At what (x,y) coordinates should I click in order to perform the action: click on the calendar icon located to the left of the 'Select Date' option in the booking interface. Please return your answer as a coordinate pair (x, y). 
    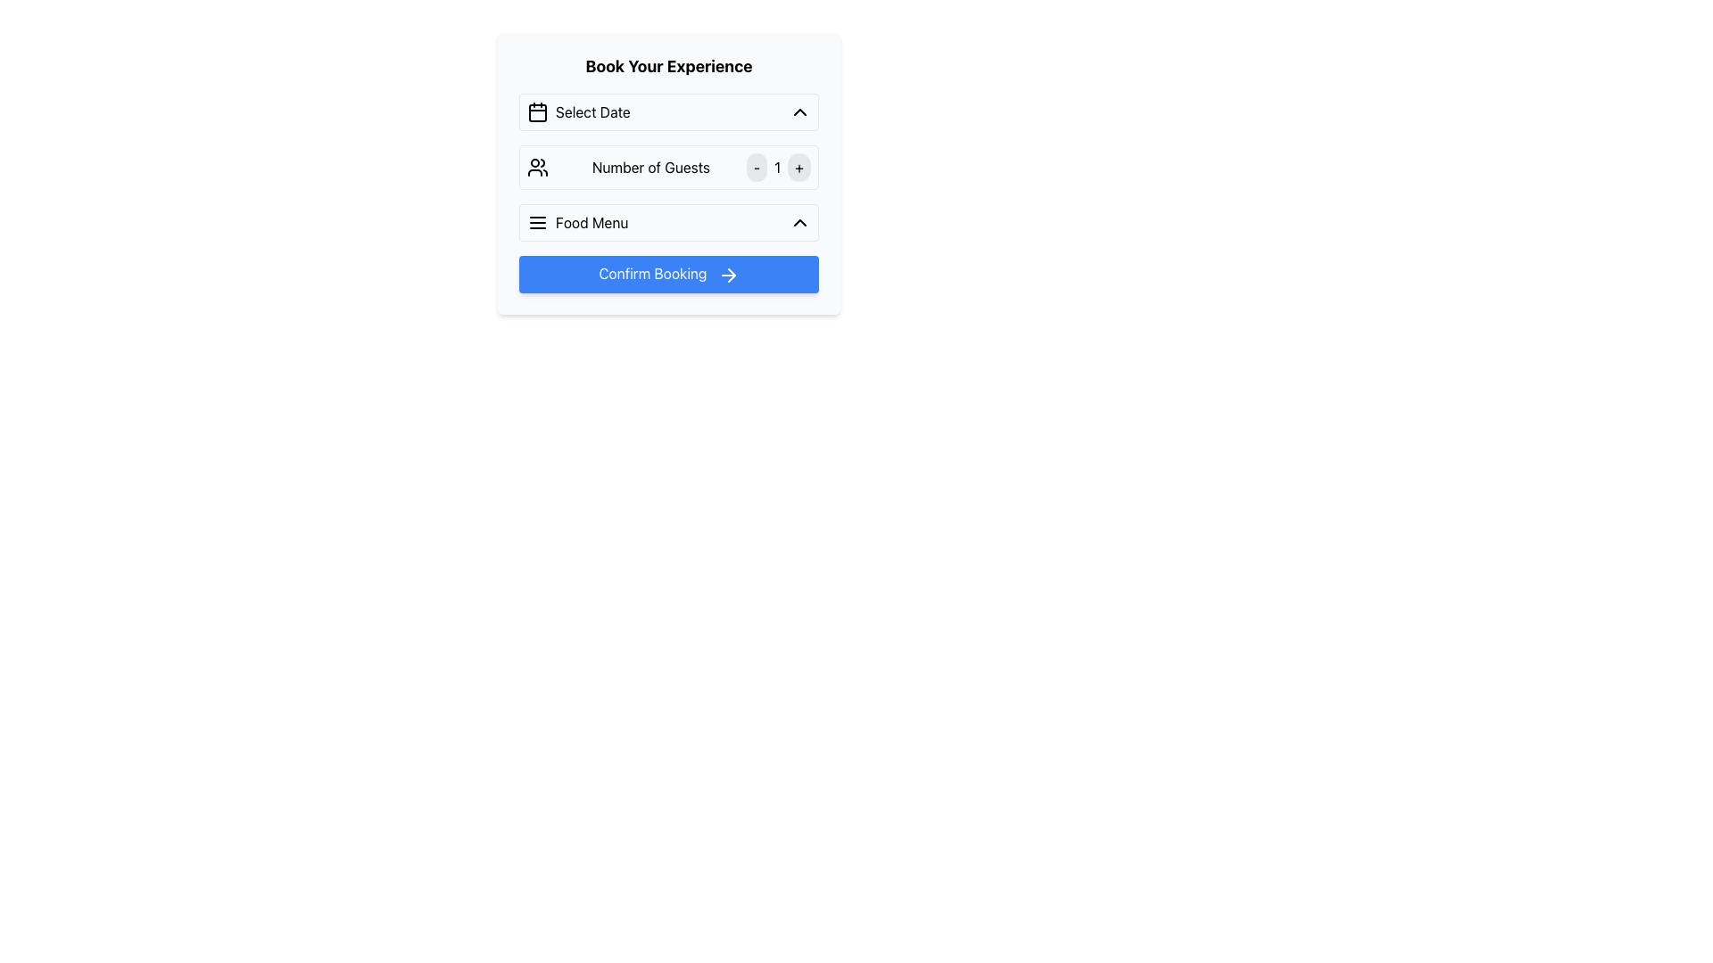
    Looking at the image, I should click on (537, 112).